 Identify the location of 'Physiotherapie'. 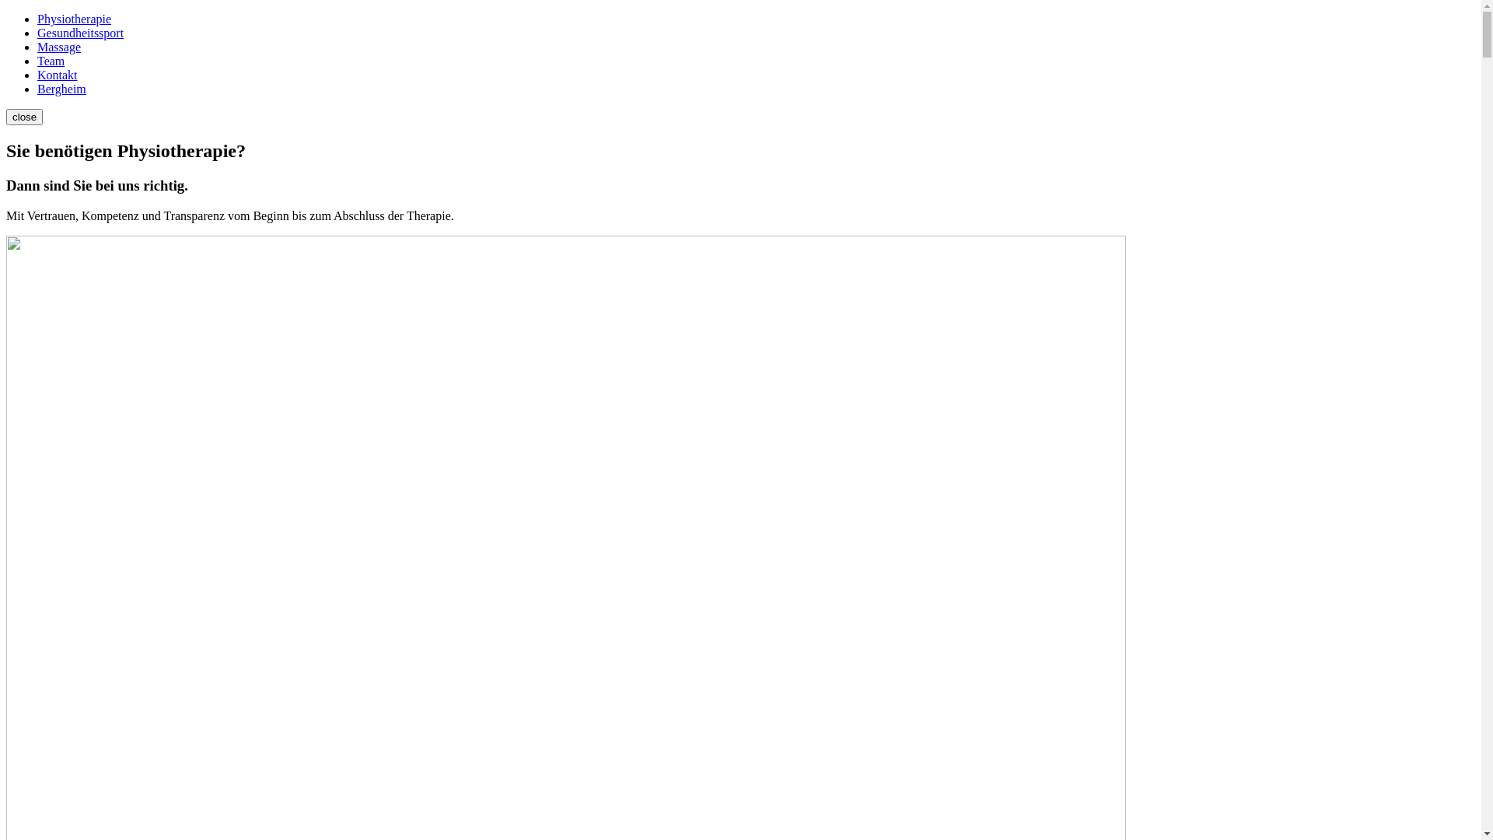
(37, 19).